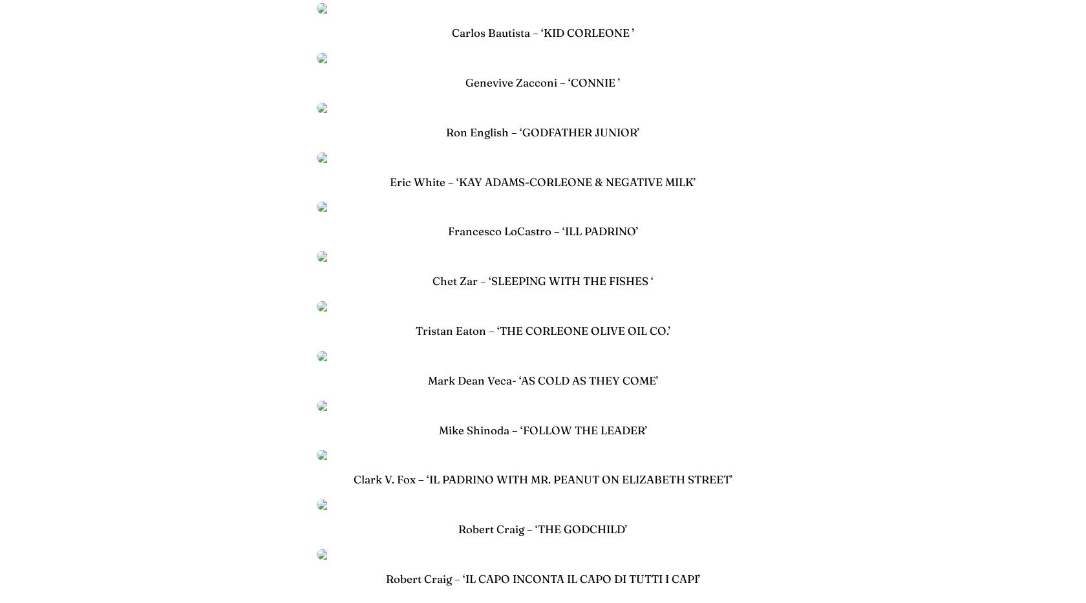 The image size is (1086, 603). What do you see at coordinates (543, 181) in the screenshot?
I see `'Eric White – ‘KAY ADAMS-CORLEONE & NEGATIVE MILK’'` at bounding box center [543, 181].